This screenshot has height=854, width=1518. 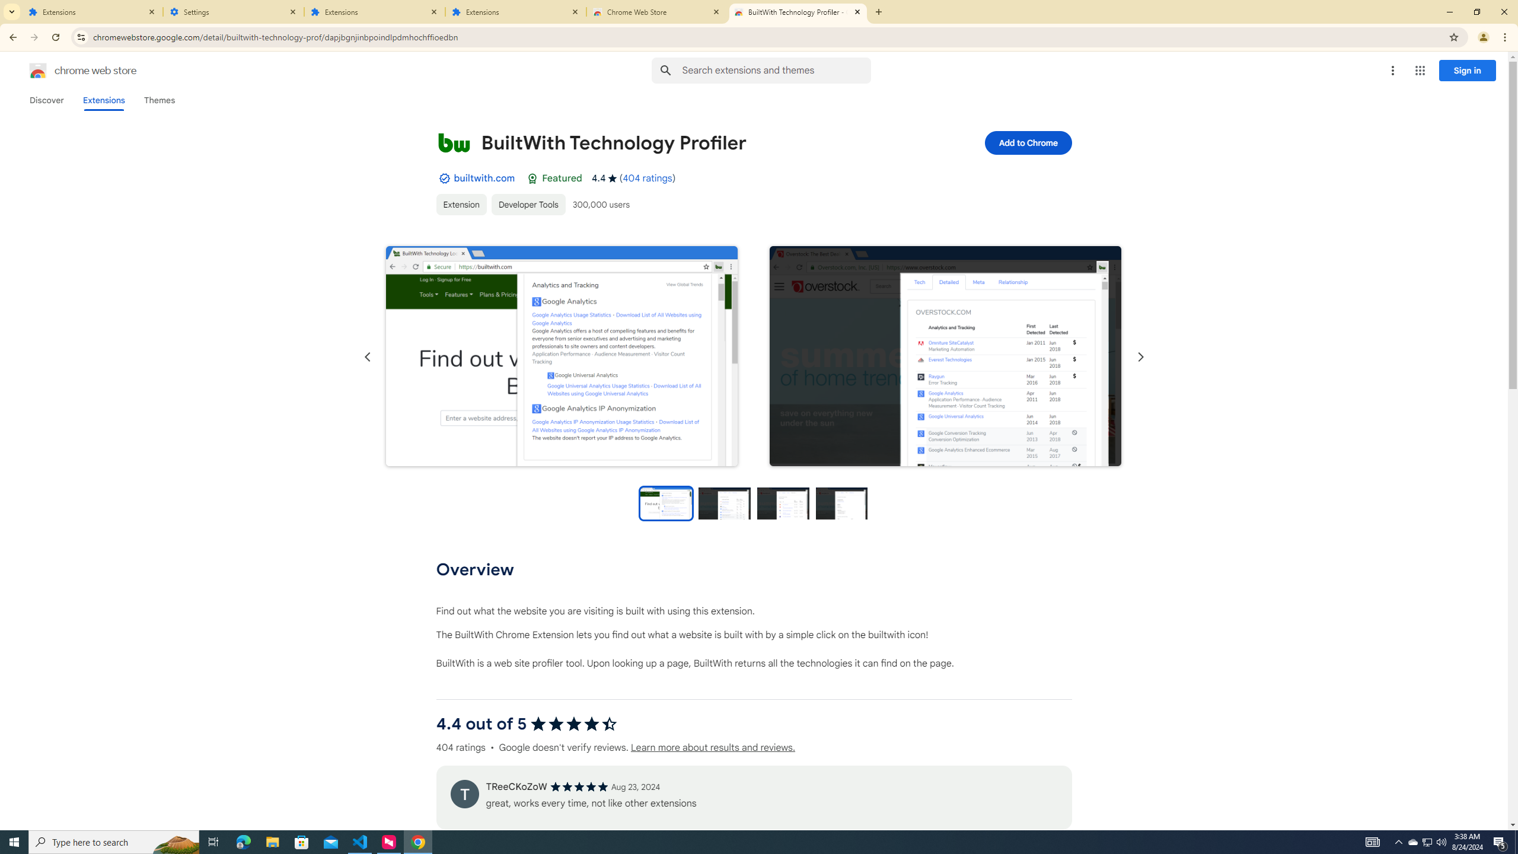 I want to click on 'Item media 2 screenshot', so click(x=945, y=356).